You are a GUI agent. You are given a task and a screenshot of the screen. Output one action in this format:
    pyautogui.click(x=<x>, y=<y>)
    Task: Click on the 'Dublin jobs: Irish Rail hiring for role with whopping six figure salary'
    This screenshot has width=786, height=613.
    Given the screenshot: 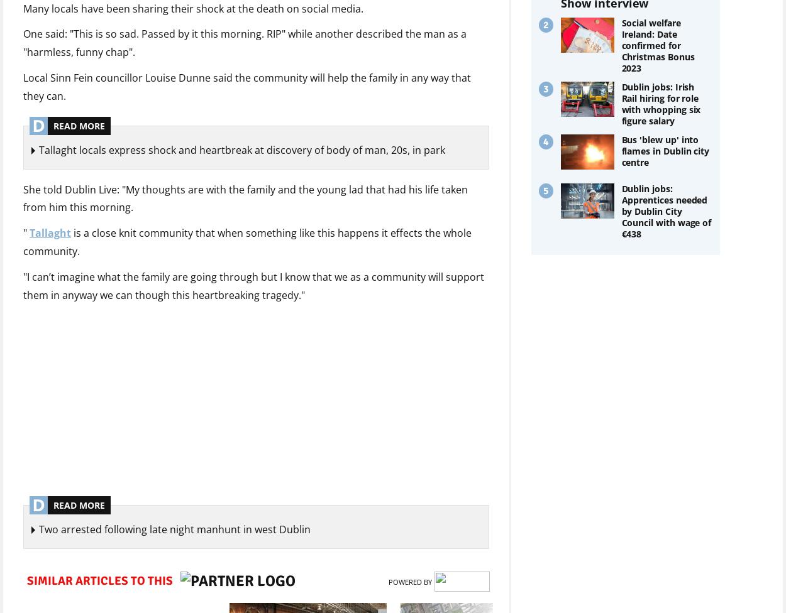 What is the action you would take?
    pyautogui.click(x=661, y=103)
    